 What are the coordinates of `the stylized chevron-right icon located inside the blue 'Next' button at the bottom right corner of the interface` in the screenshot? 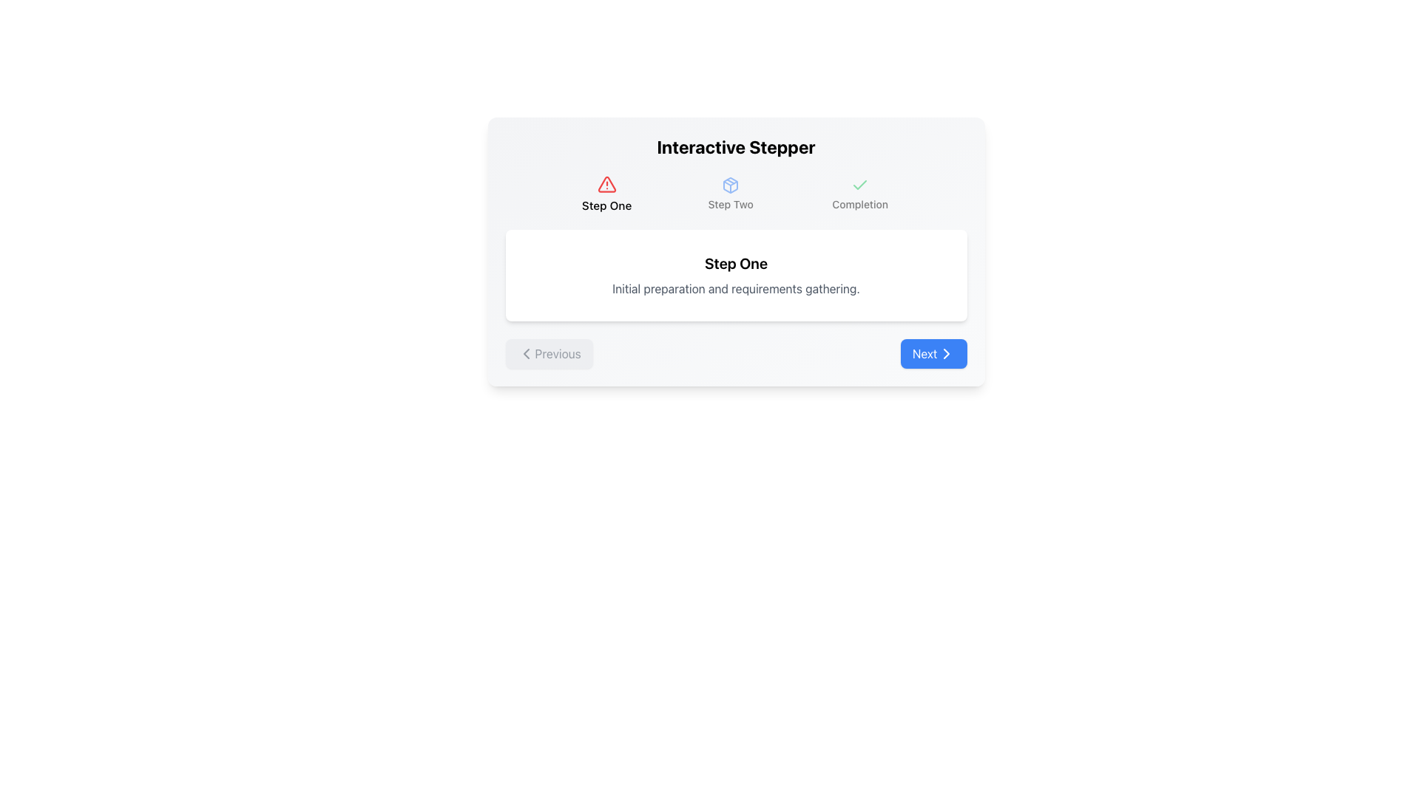 It's located at (945, 353).